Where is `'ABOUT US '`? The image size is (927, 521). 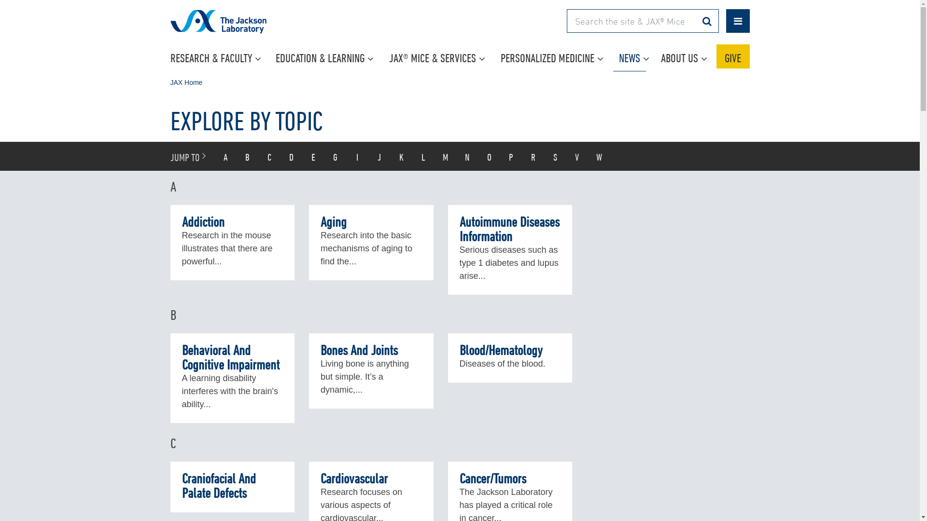
'ABOUT US ' is located at coordinates (684, 56).